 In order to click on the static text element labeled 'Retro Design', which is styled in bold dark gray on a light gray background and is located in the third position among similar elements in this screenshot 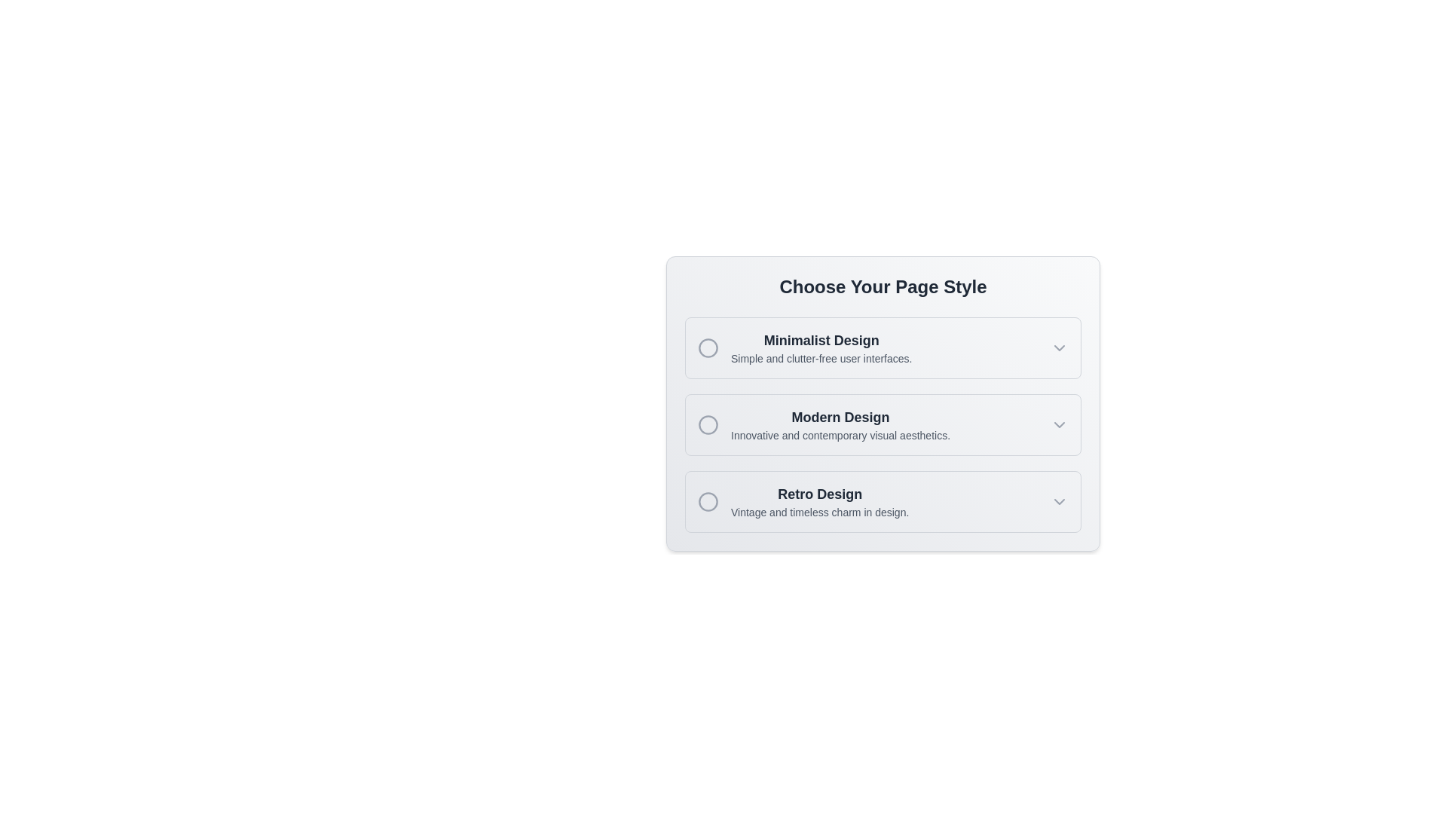, I will do `click(819, 494)`.